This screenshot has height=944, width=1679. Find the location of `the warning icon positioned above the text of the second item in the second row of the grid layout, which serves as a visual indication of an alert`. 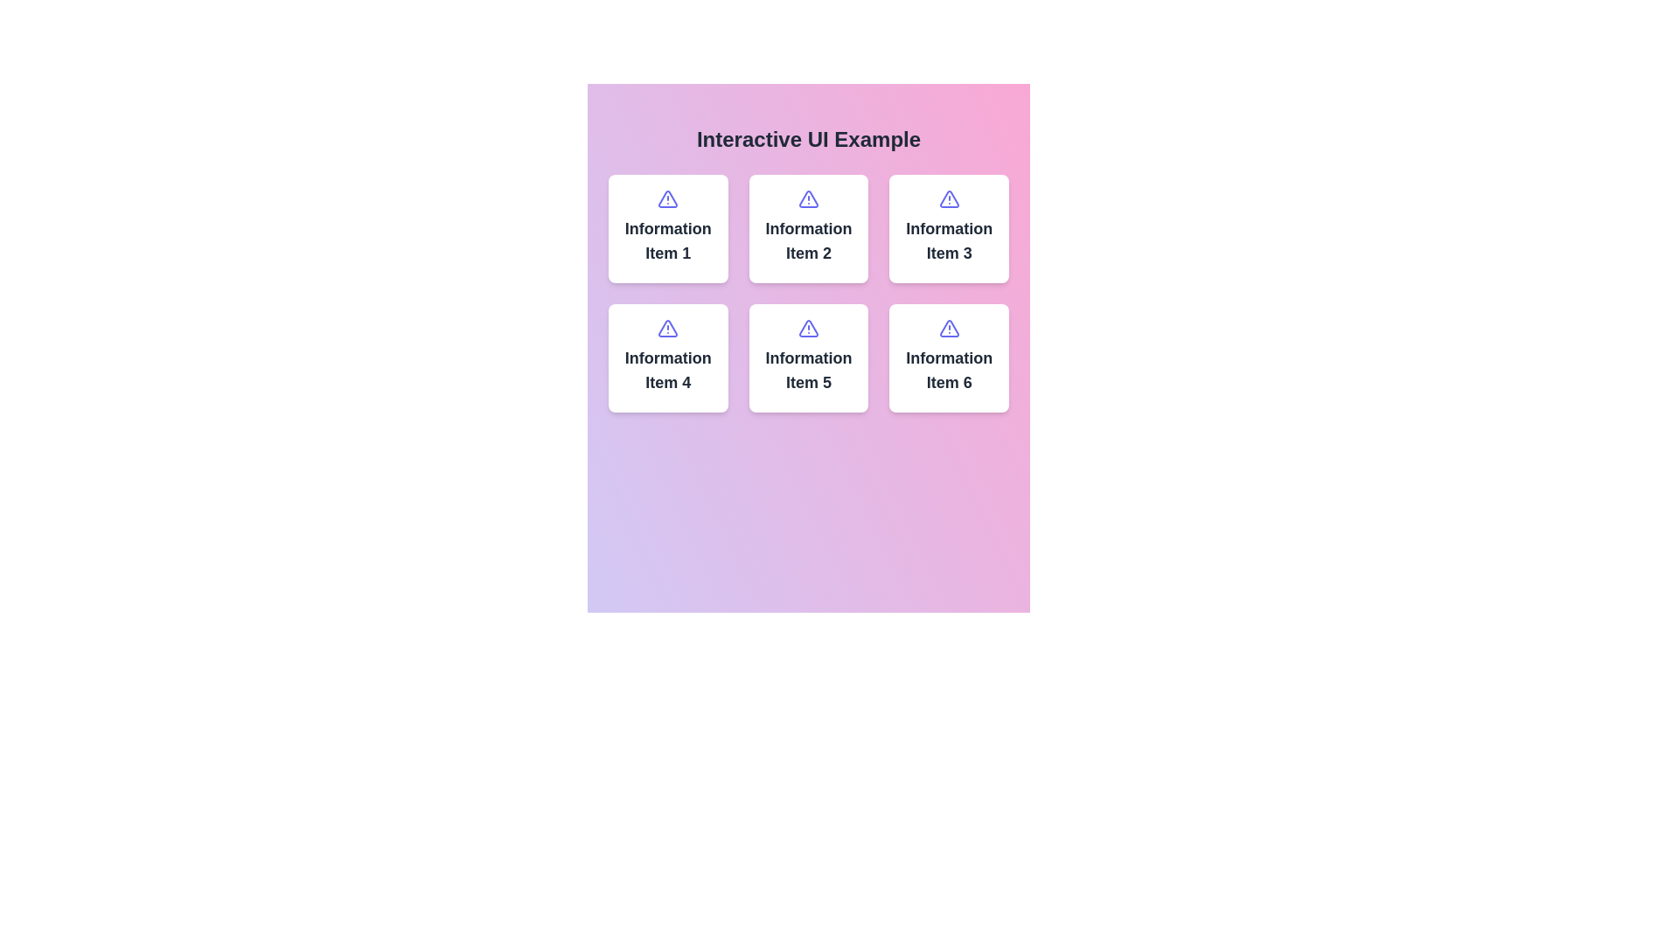

the warning icon positioned above the text of the second item in the second row of the grid layout, which serves as a visual indication of an alert is located at coordinates (808, 198).